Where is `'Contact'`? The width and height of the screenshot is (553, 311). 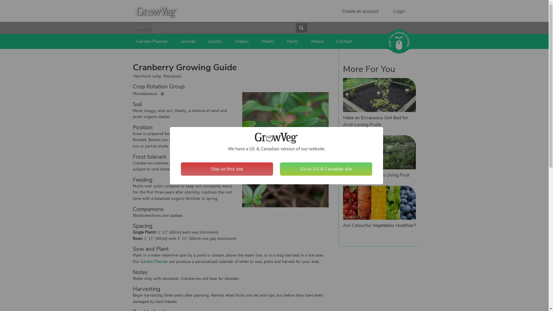 'Contact' is located at coordinates (336, 41).